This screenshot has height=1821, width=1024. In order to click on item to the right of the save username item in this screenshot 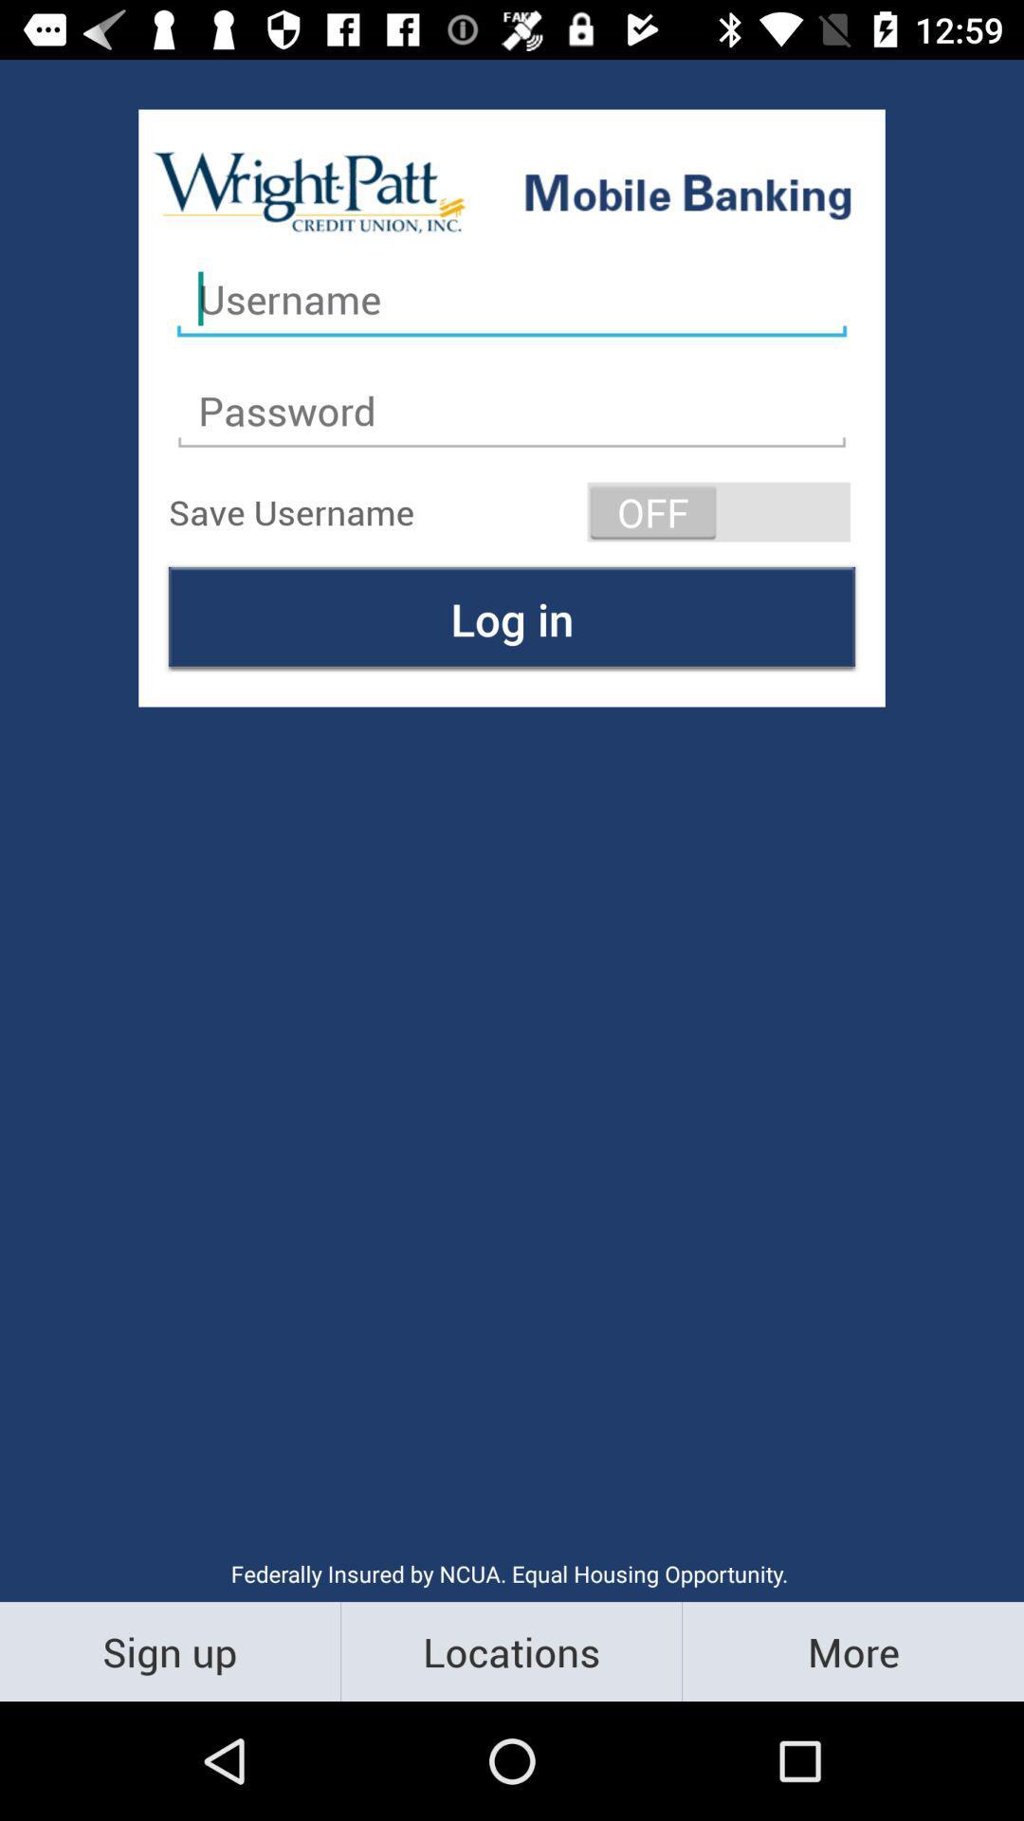, I will do `click(719, 511)`.